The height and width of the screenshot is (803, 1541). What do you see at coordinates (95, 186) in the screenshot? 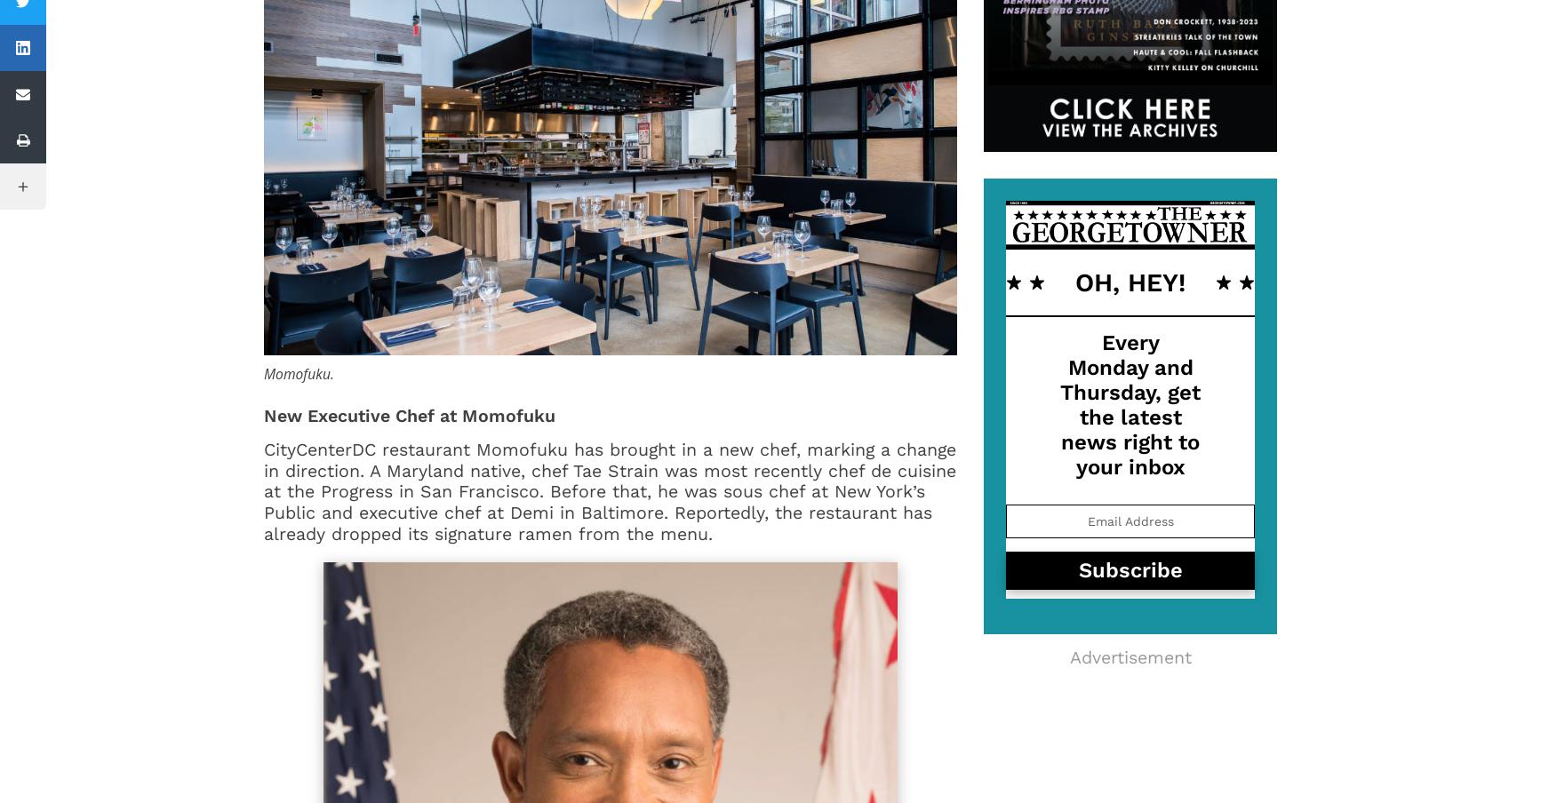
I see `'More Networks'` at bounding box center [95, 186].